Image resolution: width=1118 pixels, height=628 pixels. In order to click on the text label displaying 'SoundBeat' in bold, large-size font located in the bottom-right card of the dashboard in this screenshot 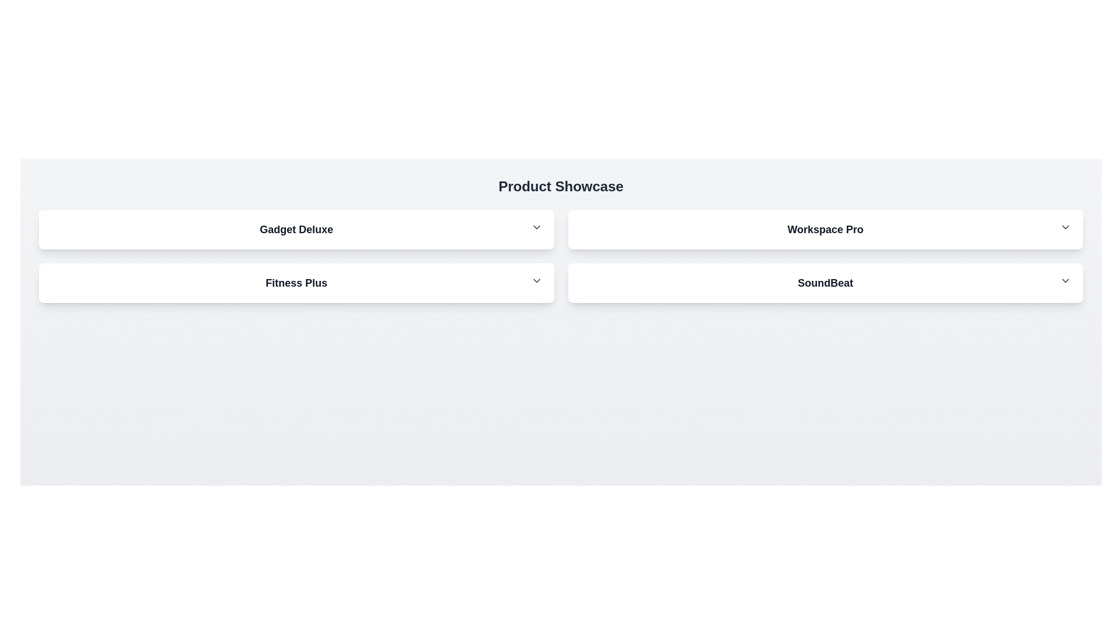, I will do `click(825, 283)`.